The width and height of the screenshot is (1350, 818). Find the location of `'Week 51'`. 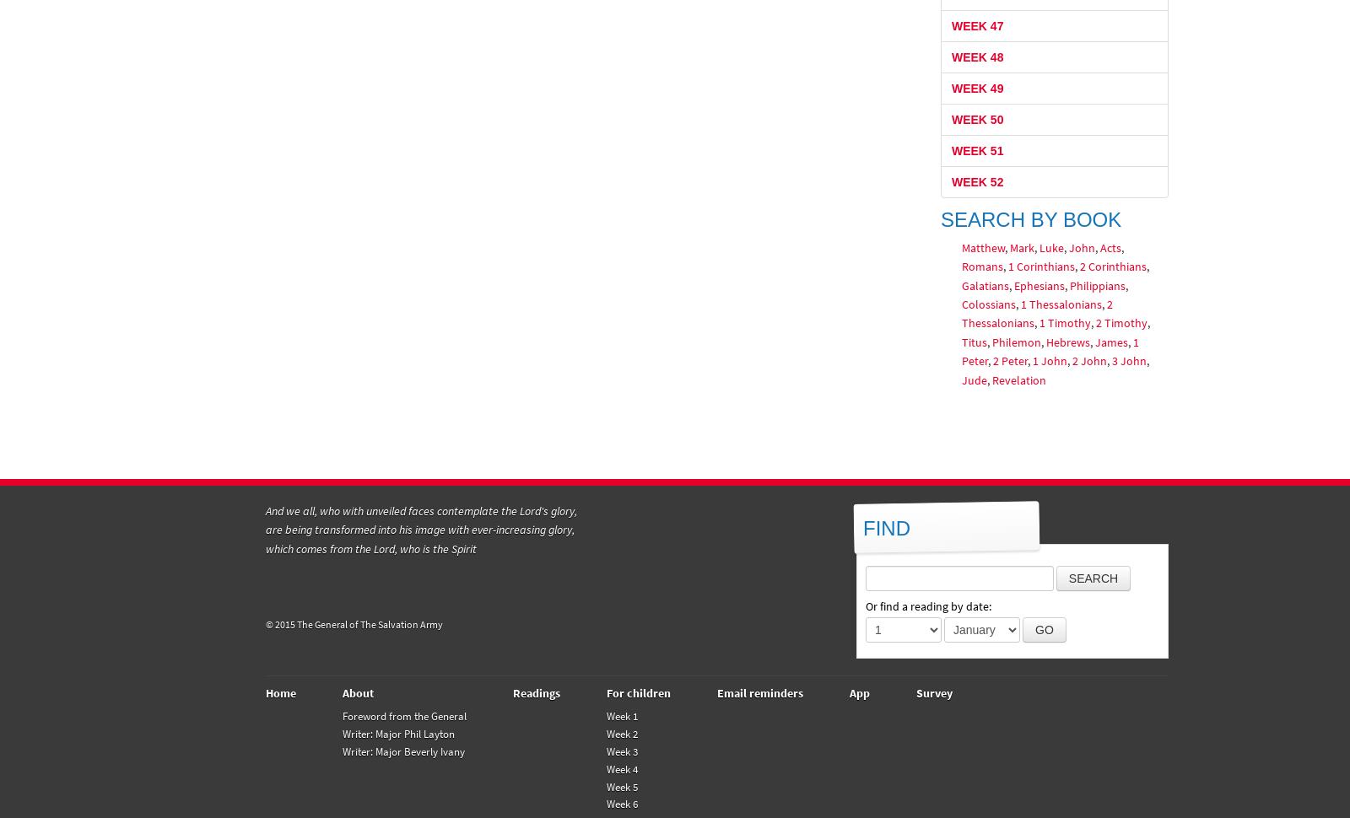

'Week 51' is located at coordinates (977, 148).